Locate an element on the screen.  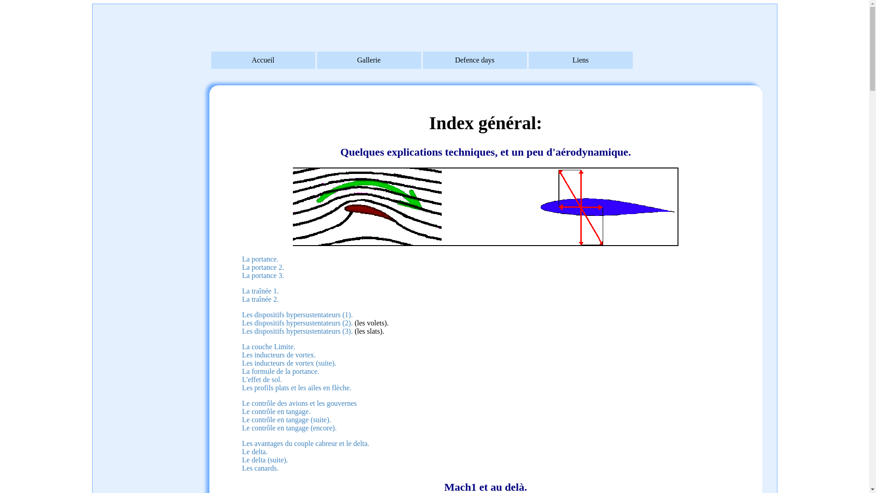
'La formule de la portance.' is located at coordinates (280, 371).